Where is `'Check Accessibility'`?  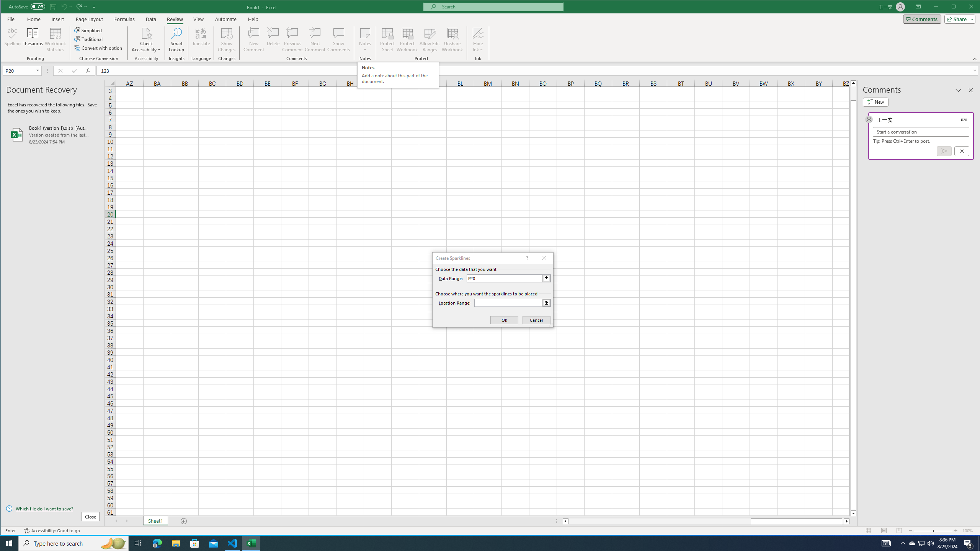
'Check Accessibility' is located at coordinates (146, 39).